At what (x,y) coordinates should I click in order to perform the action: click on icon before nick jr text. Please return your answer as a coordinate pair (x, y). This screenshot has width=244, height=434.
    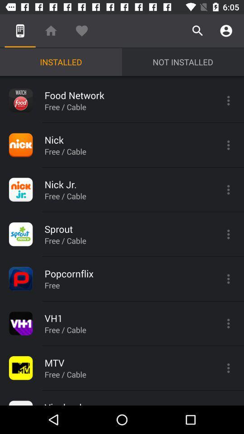
    Looking at the image, I should click on (21, 189).